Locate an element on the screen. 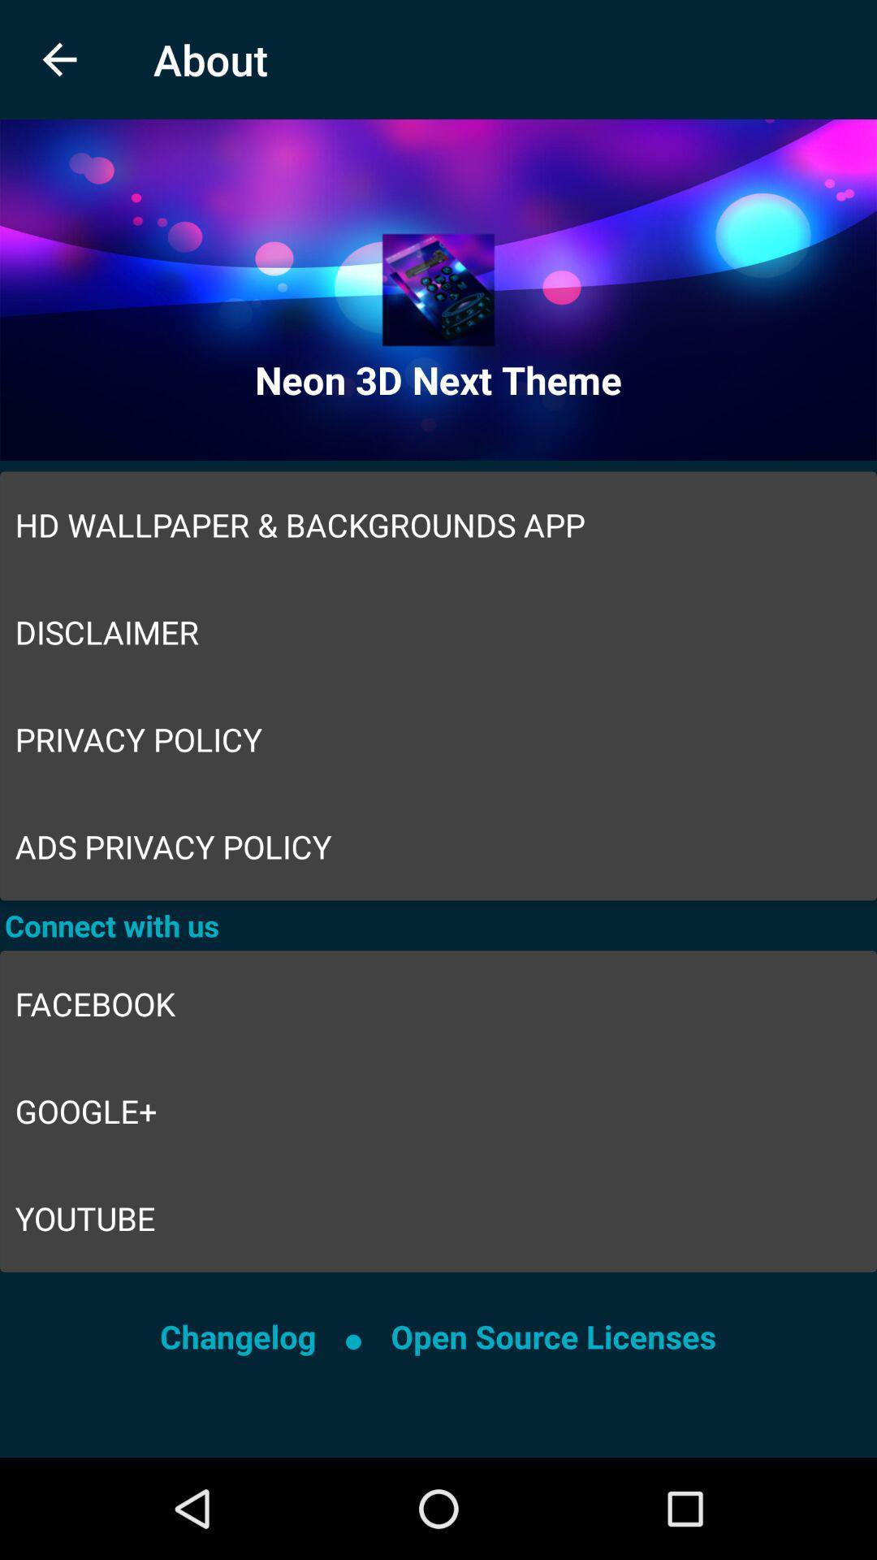 This screenshot has height=1560, width=877. item above google+ icon is located at coordinates (438, 1003).